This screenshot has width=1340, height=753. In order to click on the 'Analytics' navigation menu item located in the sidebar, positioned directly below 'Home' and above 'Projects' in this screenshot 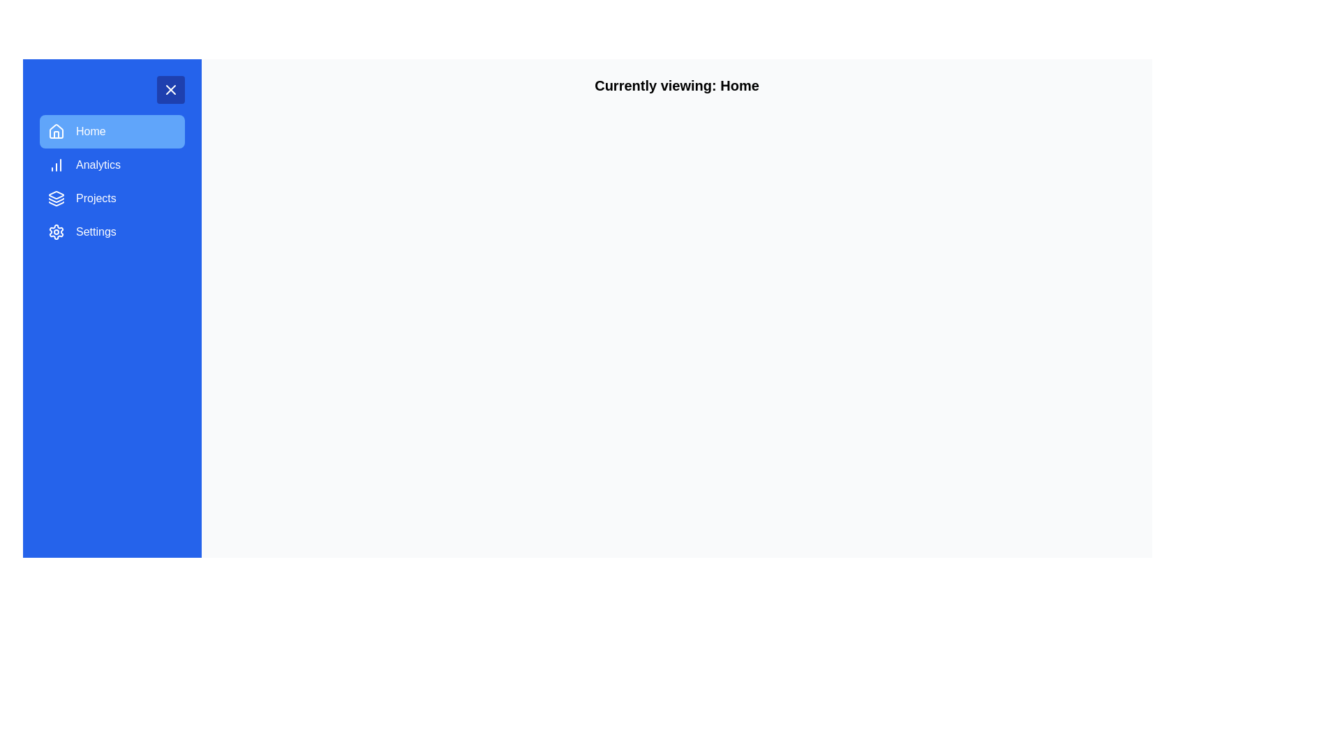, I will do `click(112, 181)`.